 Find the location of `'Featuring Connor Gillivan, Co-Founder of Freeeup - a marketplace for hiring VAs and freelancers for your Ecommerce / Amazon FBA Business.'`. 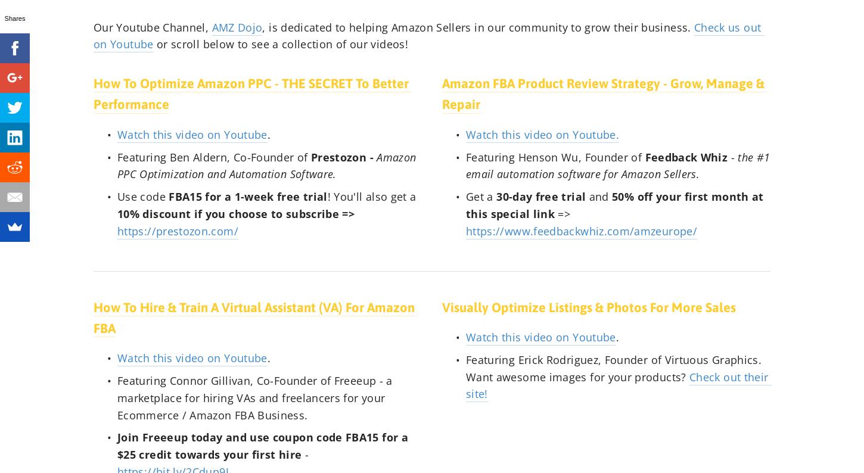

'Featuring Connor Gillivan, Co-Founder of Freeeup - a marketplace for hiring VAs and freelancers for your Ecommerce / Amazon FBA Business.' is located at coordinates (256, 397).